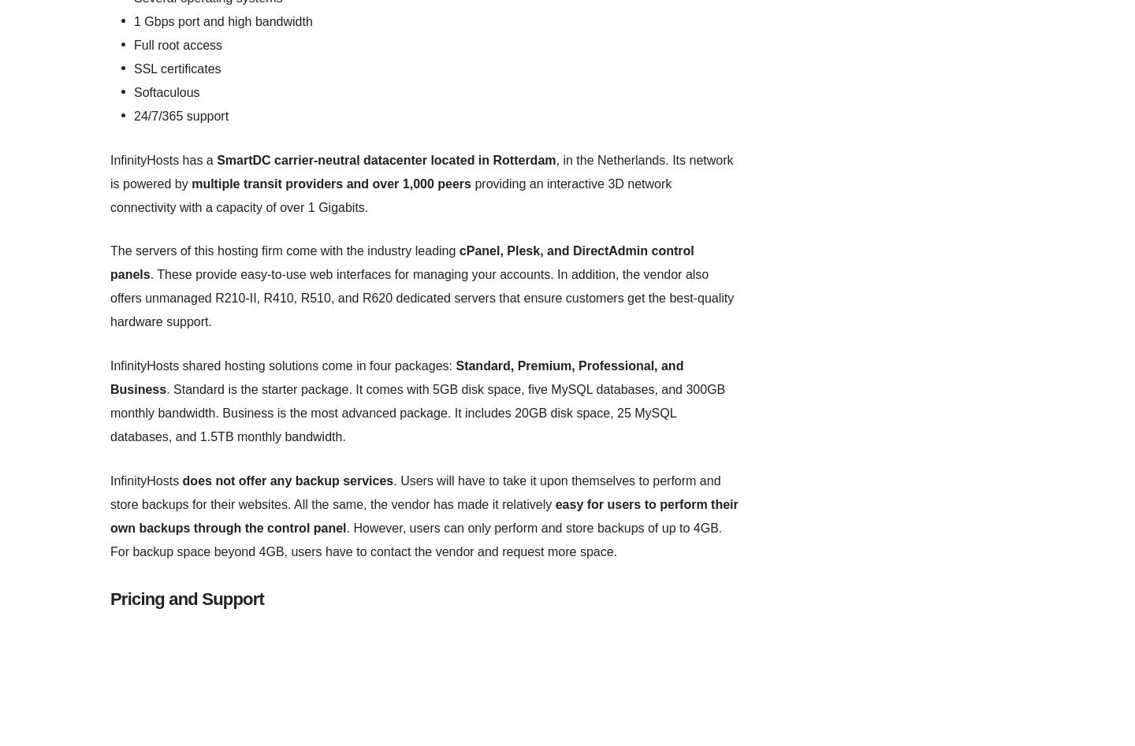 The image size is (1135, 746). What do you see at coordinates (163, 262) in the screenshot?
I see `'Credit Card Processing'` at bounding box center [163, 262].